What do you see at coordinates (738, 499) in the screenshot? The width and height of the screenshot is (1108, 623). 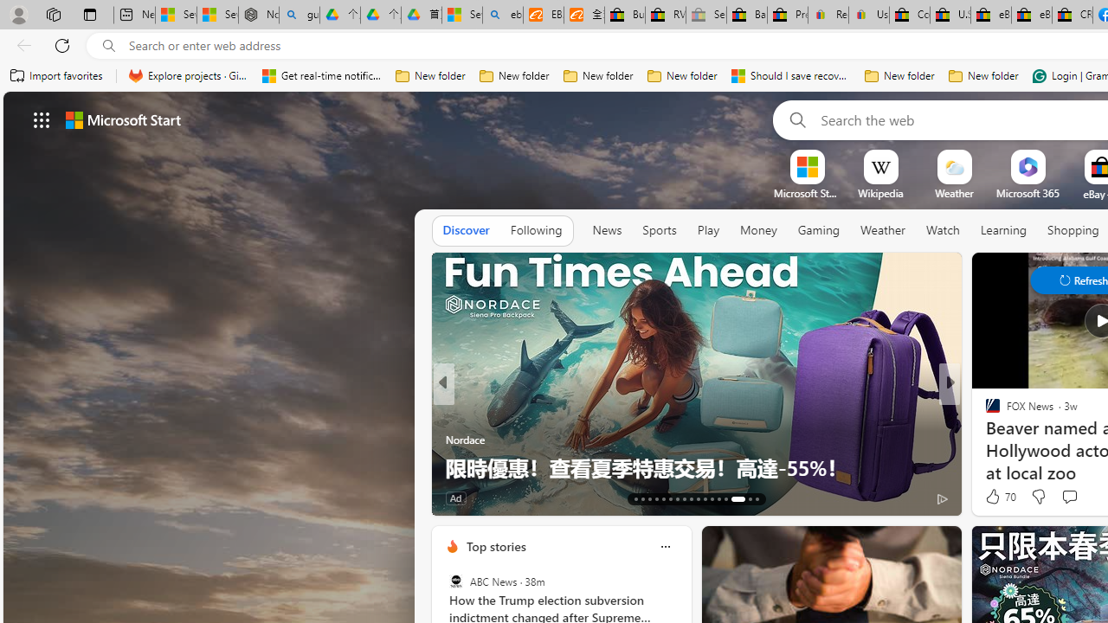 I see `'AutomationID: tab-33'` at bounding box center [738, 499].